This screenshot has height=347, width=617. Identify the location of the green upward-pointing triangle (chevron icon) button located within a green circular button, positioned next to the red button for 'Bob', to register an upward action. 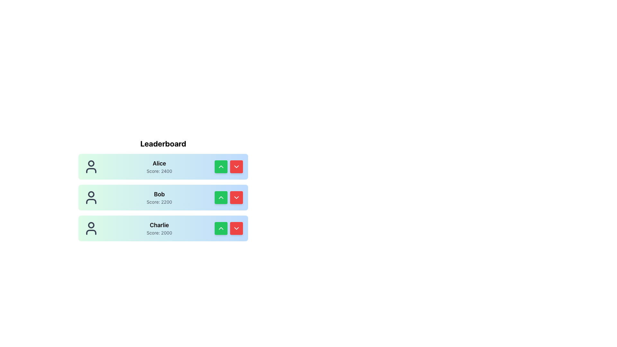
(221, 197).